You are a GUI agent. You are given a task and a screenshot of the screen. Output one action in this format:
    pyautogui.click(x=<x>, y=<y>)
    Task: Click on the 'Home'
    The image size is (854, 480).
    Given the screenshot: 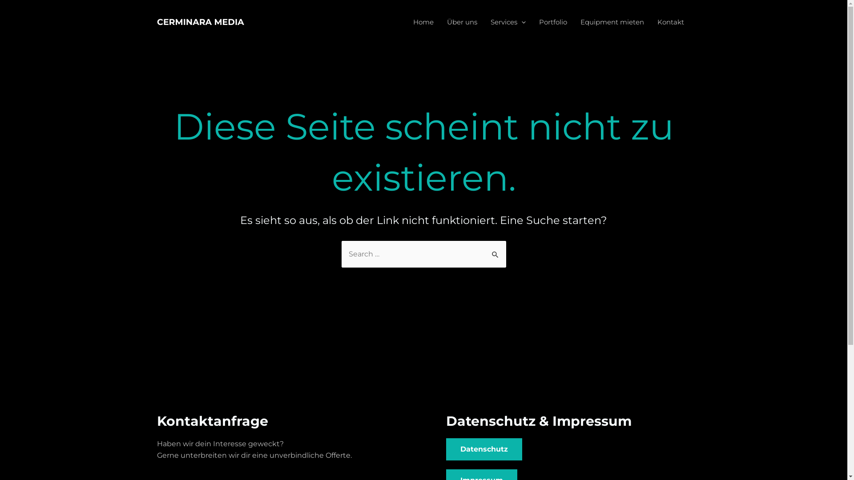 What is the action you would take?
    pyautogui.click(x=423, y=22)
    